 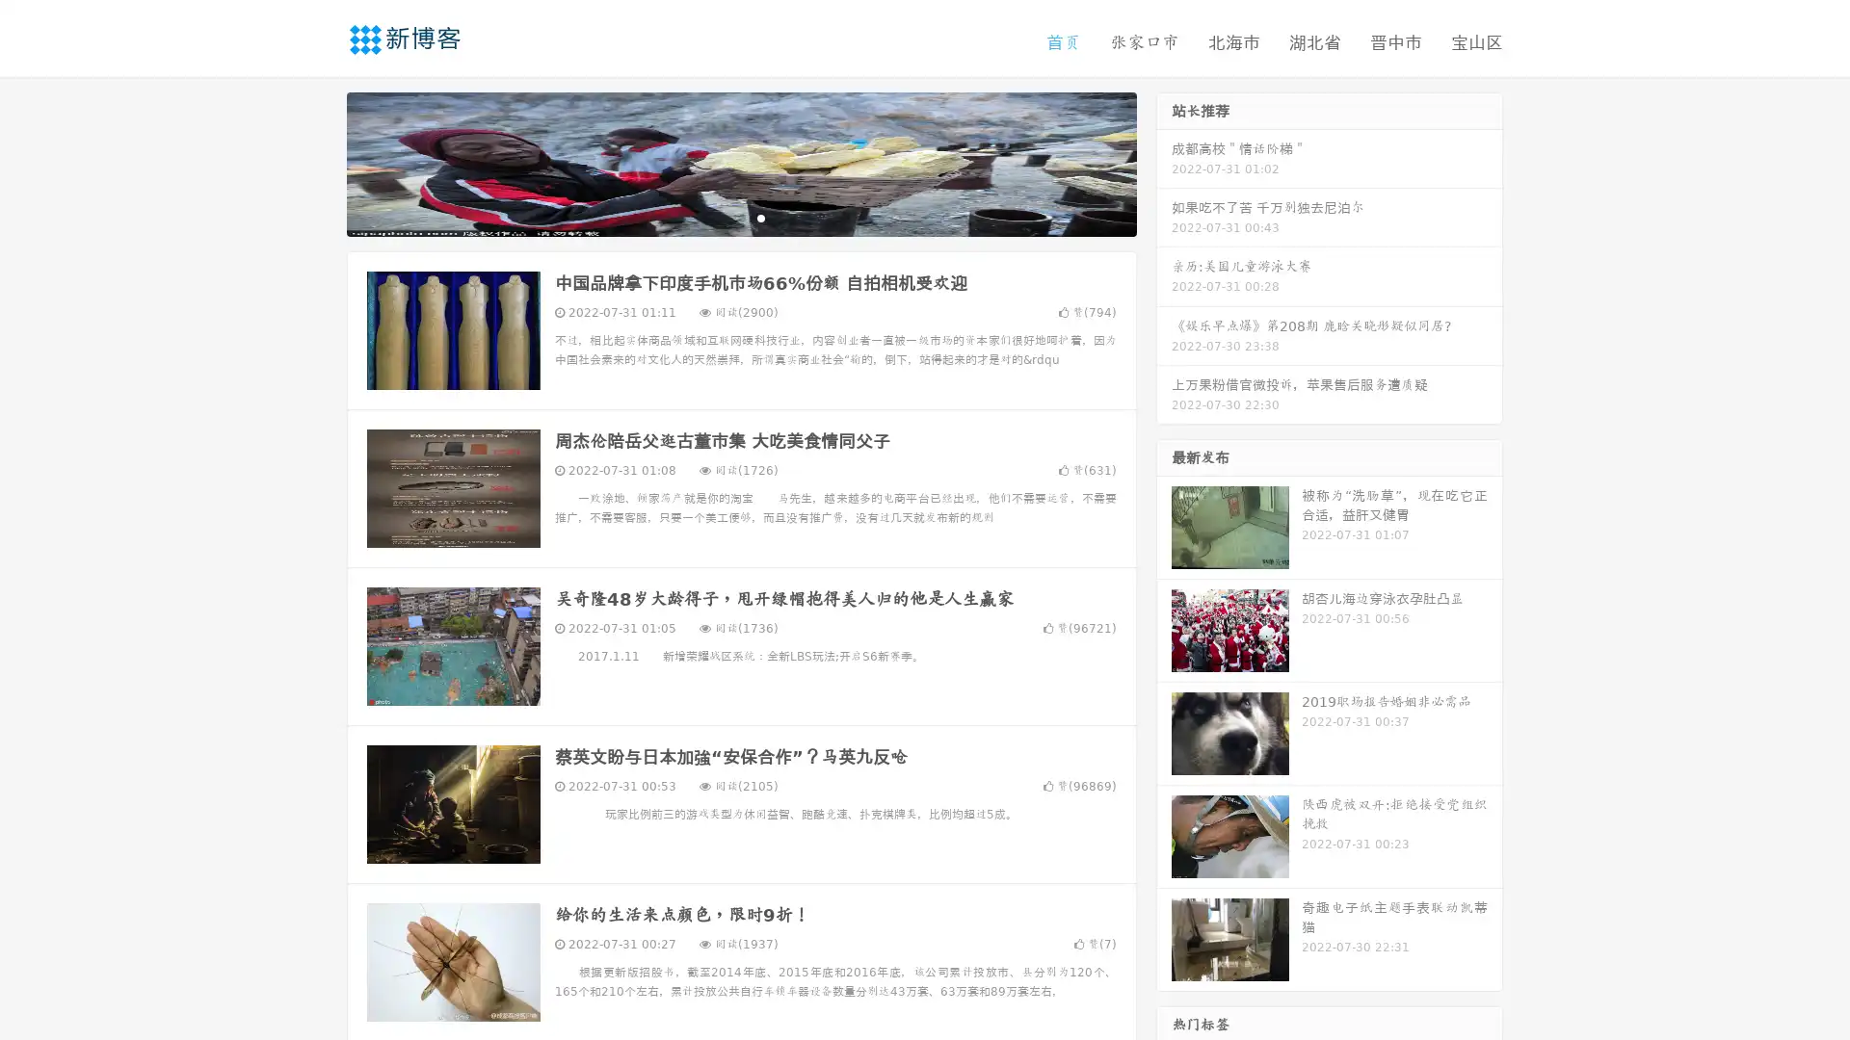 What do you see at coordinates (318, 162) in the screenshot?
I see `Previous slide` at bounding box center [318, 162].